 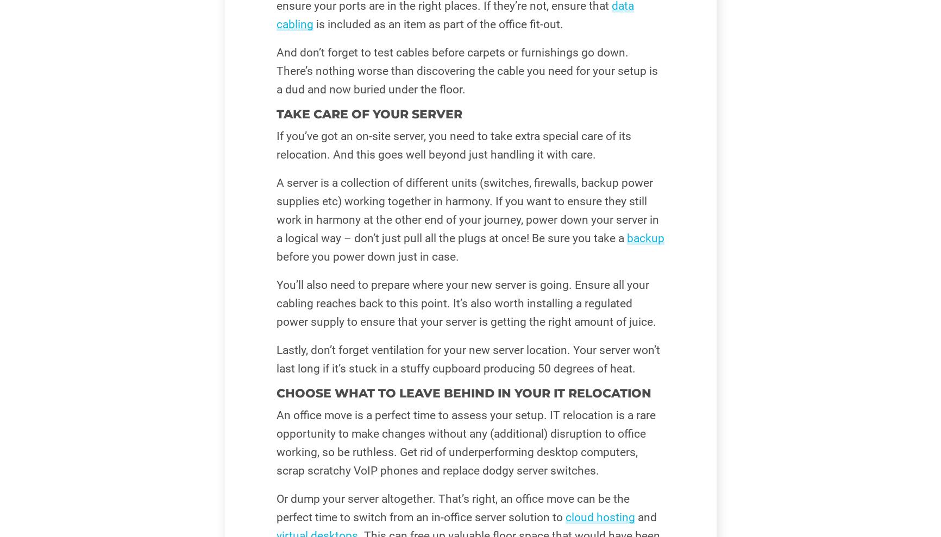 I want to click on 'You’ll also need to prepare where your new server is going. Ensure all your cabling reaches back to this point. It’s also worth installing a regulated power supply to ensure that your server is getting the right amount of juice.', so click(x=465, y=302).